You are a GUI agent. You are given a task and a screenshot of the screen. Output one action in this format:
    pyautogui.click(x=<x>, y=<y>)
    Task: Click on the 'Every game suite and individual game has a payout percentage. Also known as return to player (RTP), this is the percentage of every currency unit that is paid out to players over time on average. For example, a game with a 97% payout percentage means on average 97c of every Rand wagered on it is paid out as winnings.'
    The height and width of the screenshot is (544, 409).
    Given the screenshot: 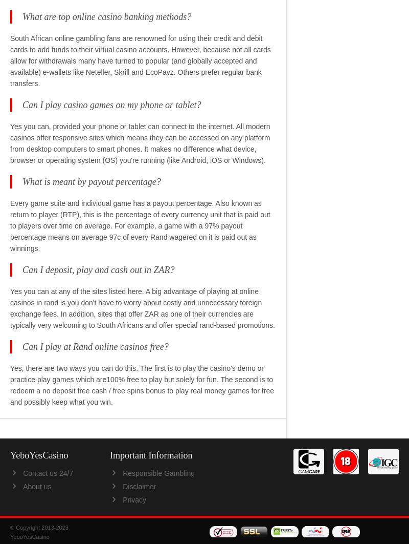 What is the action you would take?
    pyautogui.click(x=140, y=224)
    